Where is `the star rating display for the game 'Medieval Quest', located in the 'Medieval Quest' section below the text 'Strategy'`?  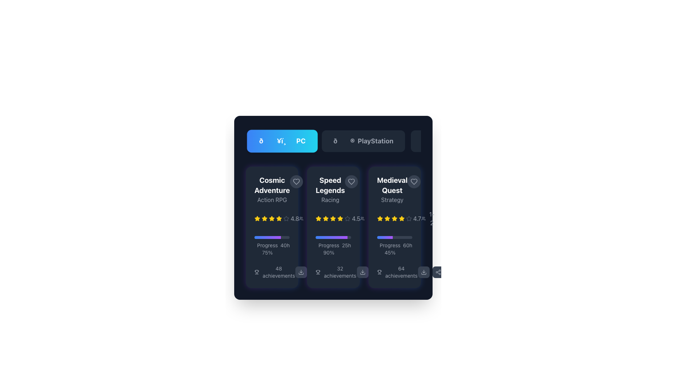
the star rating display for the game 'Medieval Quest', located in the 'Medieval Quest' section below the text 'Strategy' is located at coordinates (394, 218).